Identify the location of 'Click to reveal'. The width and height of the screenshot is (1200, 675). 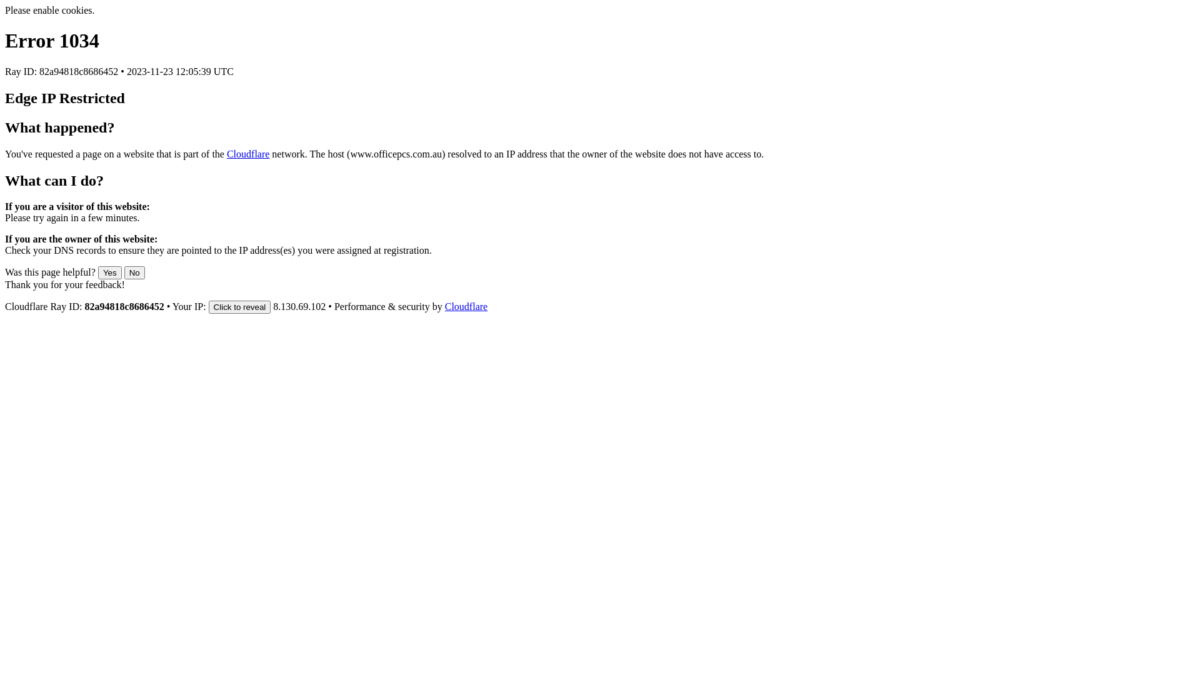
(240, 307).